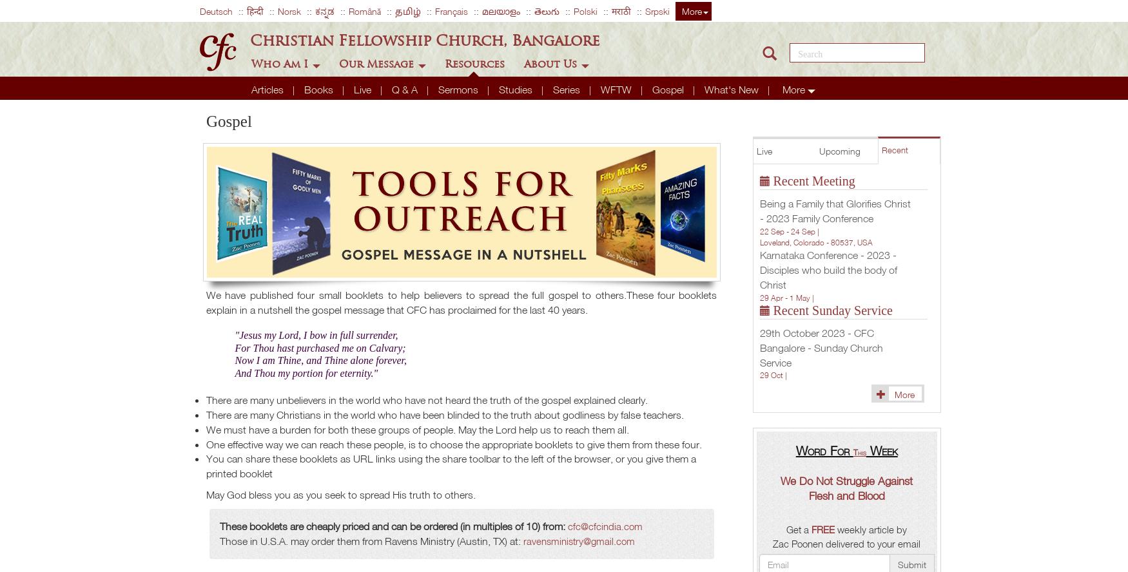  I want to click on 'Our Message', so click(377, 62).